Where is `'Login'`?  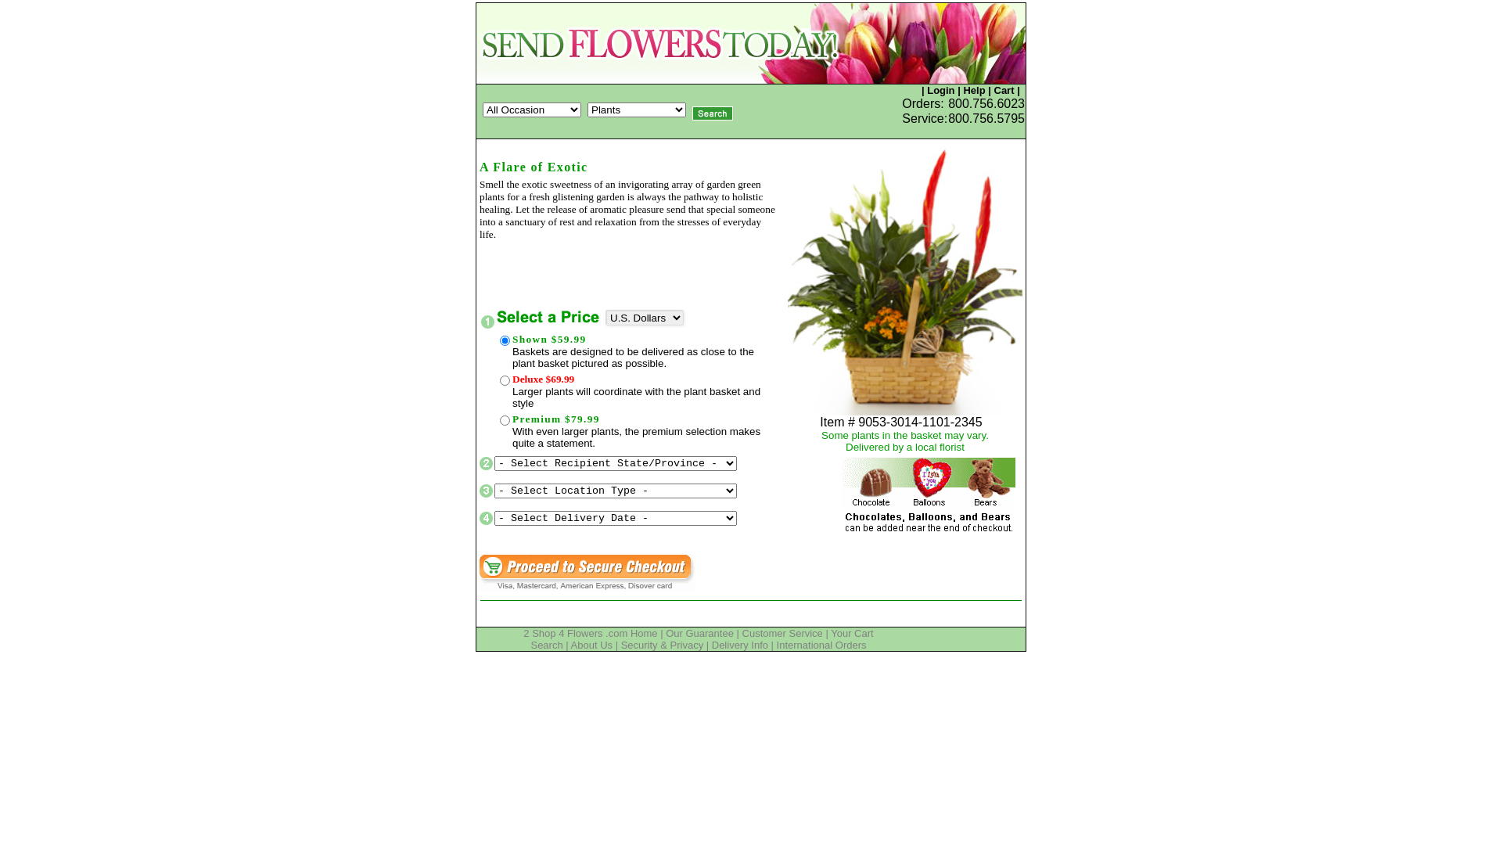 'Login' is located at coordinates (940, 90).